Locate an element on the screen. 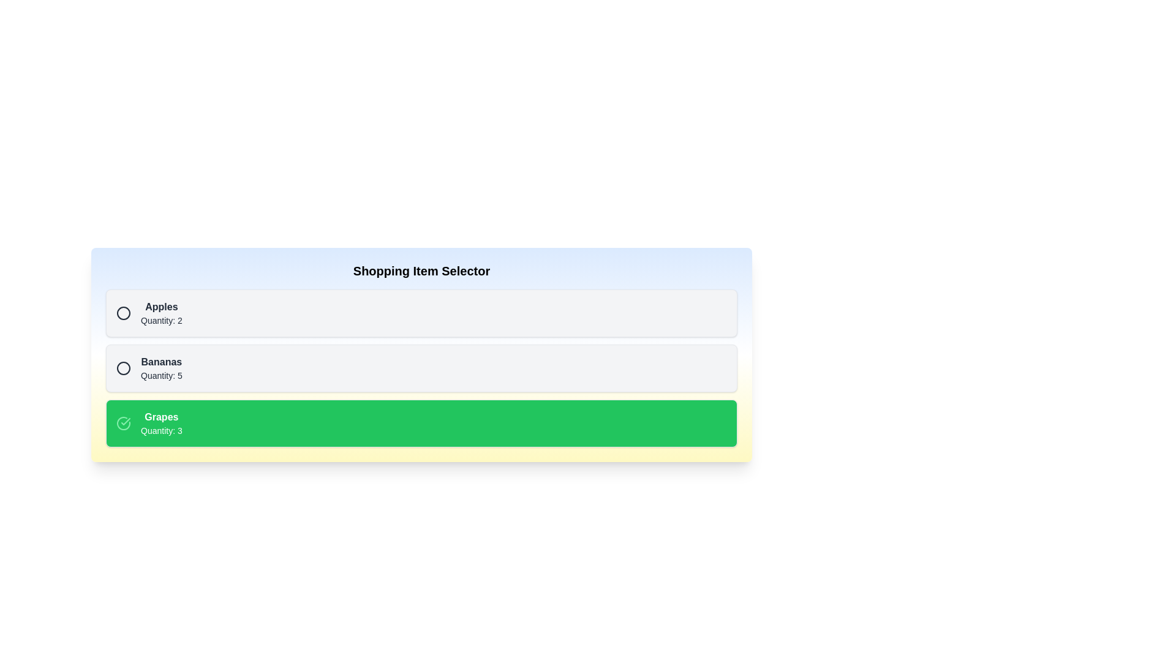 This screenshot has height=661, width=1176. the item Bananas to observe its hover effect is located at coordinates (421, 367).